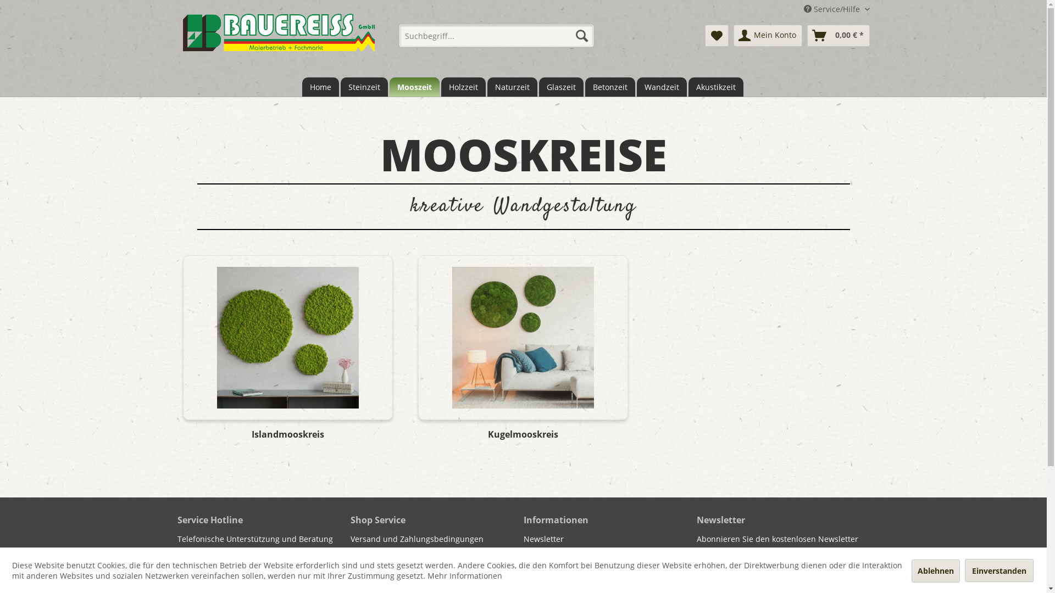 The image size is (1055, 593). I want to click on 'Glaszeit', so click(560, 86).